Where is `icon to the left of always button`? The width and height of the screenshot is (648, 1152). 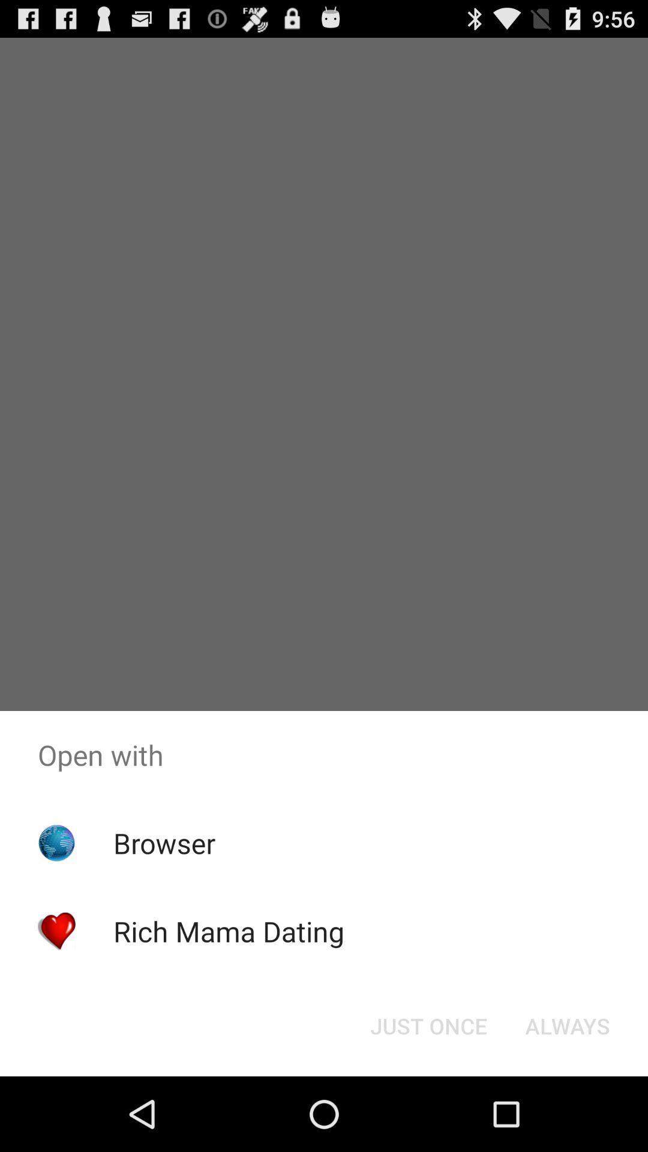
icon to the left of always button is located at coordinates (428, 1025).